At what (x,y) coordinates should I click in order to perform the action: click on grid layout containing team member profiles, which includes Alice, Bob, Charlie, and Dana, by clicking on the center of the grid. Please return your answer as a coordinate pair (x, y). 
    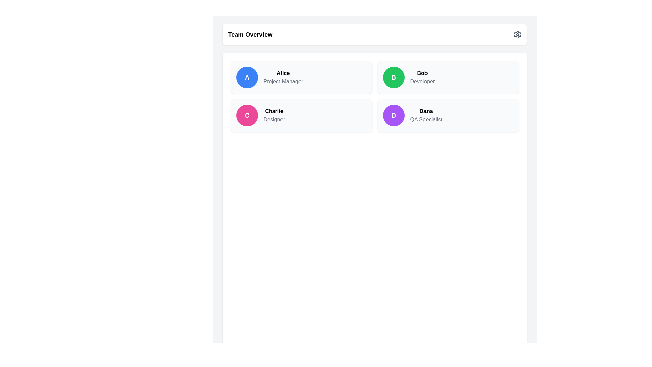
    Looking at the image, I should click on (374, 97).